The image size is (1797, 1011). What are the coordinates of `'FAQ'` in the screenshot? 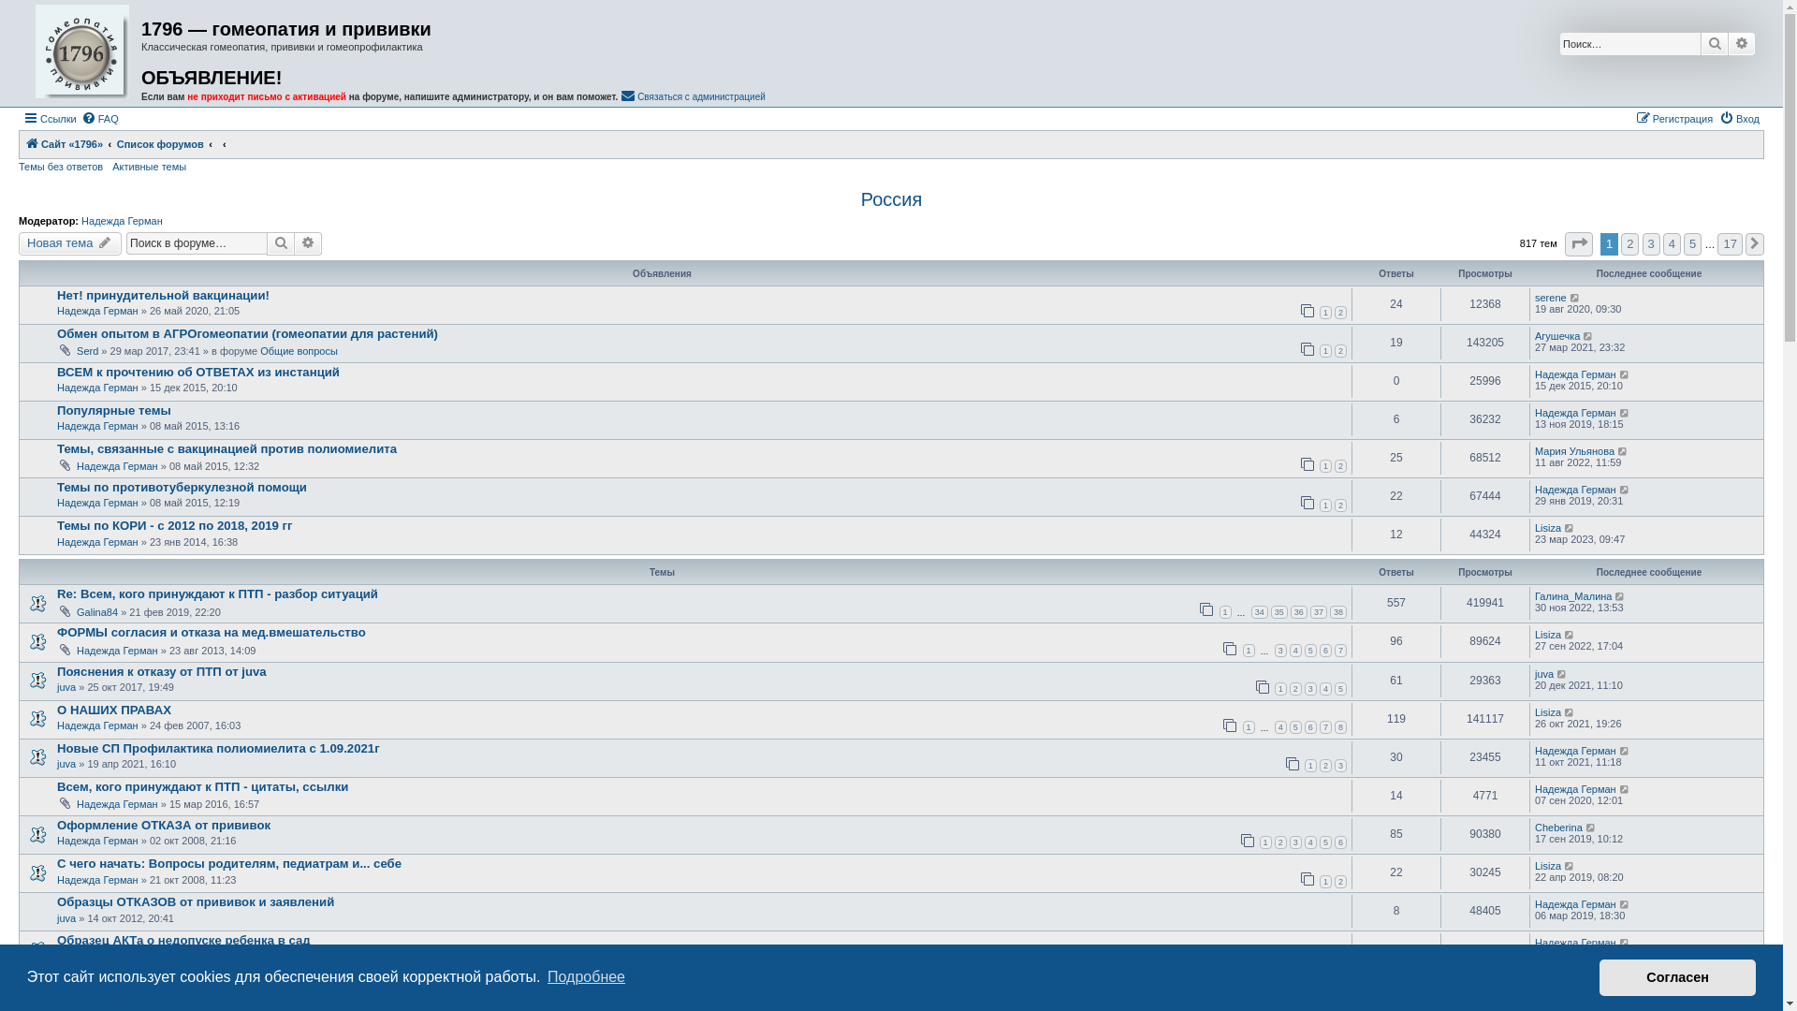 It's located at (98, 119).